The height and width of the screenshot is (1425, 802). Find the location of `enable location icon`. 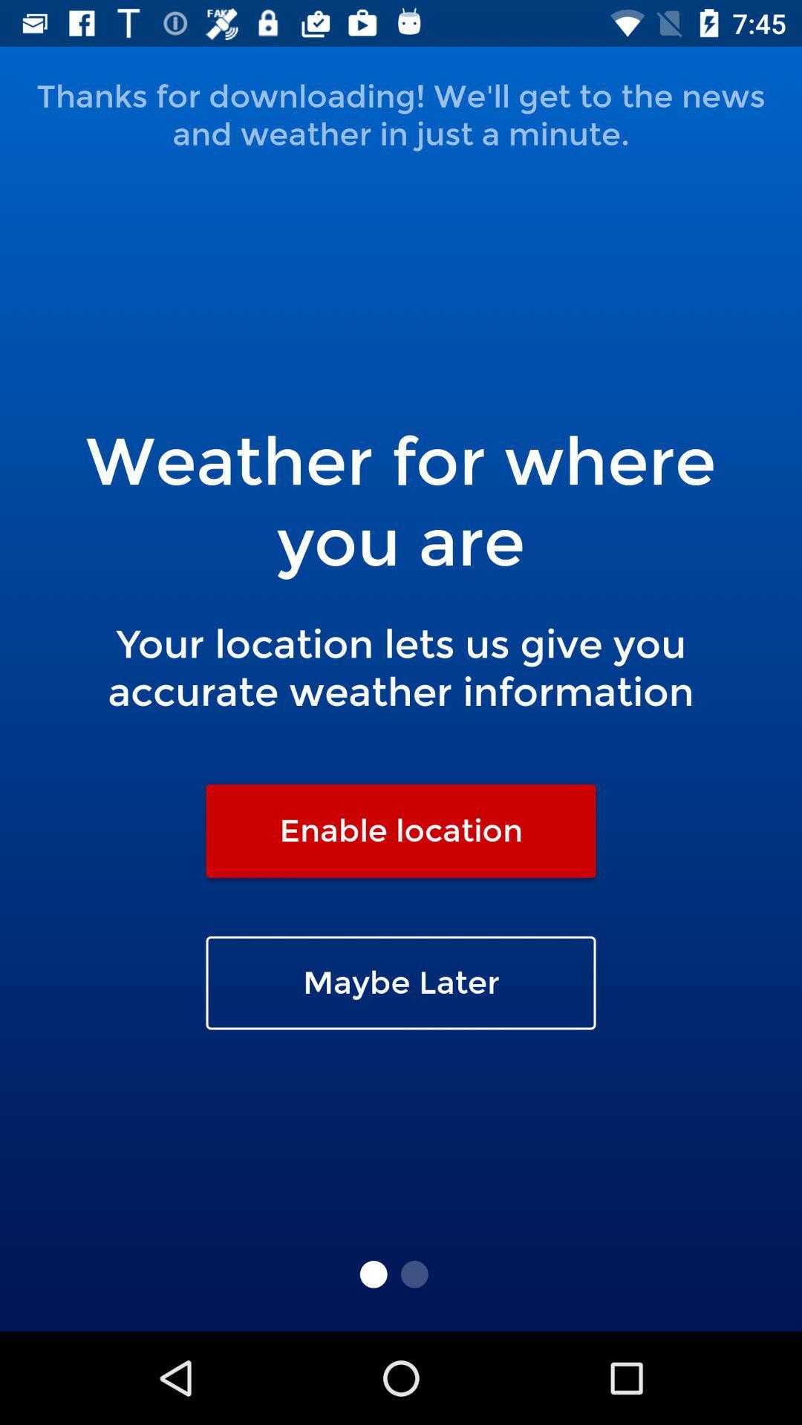

enable location icon is located at coordinates (401, 830).